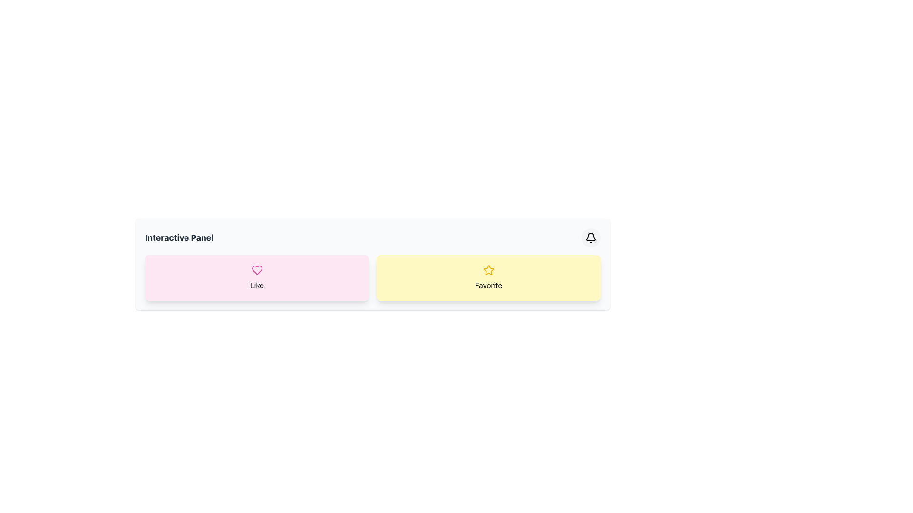 Image resolution: width=913 pixels, height=513 pixels. I want to click on the 'Favorite' button, which is a rectangular button with rounded corners, light yellow background, a star icon at the top, and the text 'Favorite' underneath, so click(488, 278).